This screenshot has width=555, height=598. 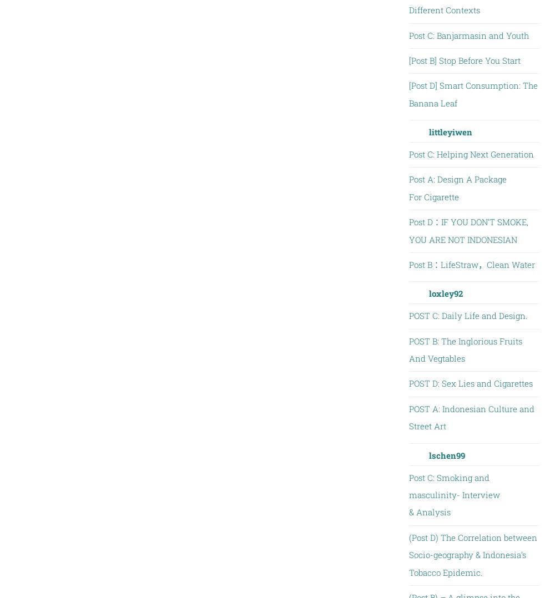 I want to click on '(Post D) The Correlation between Socio-geography &  Indonesia’s Tobacco Epidemic.', so click(x=408, y=554).